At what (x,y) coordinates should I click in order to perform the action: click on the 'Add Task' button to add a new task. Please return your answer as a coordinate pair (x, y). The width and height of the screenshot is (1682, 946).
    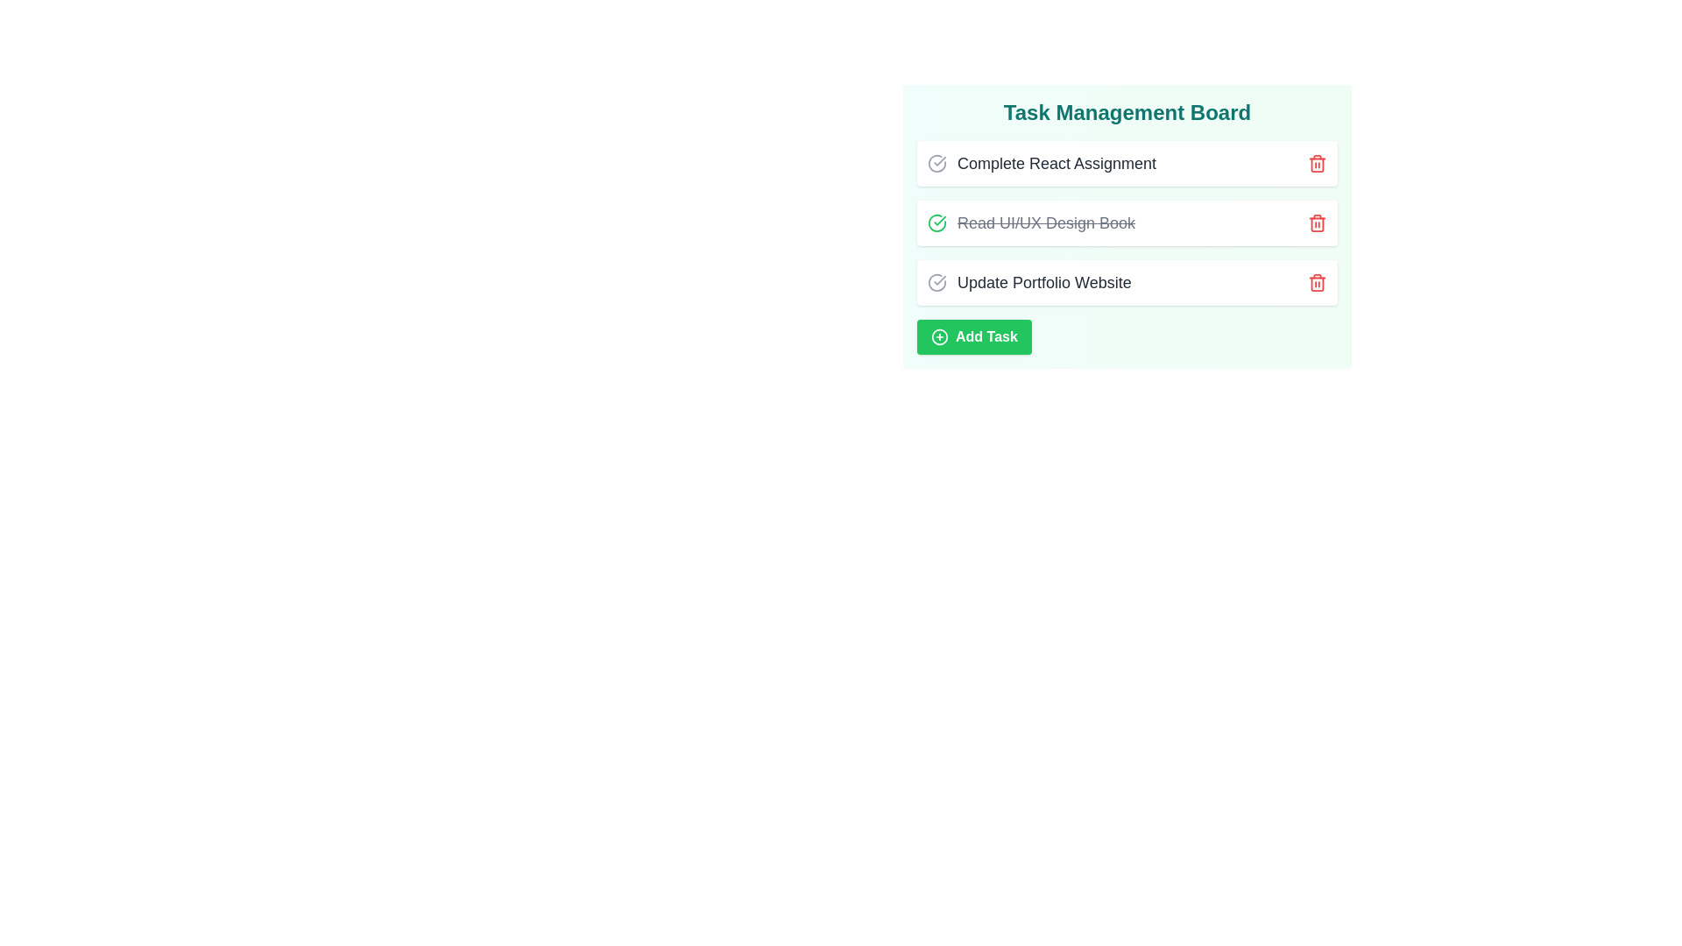
    Looking at the image, I should click on (973, 337).